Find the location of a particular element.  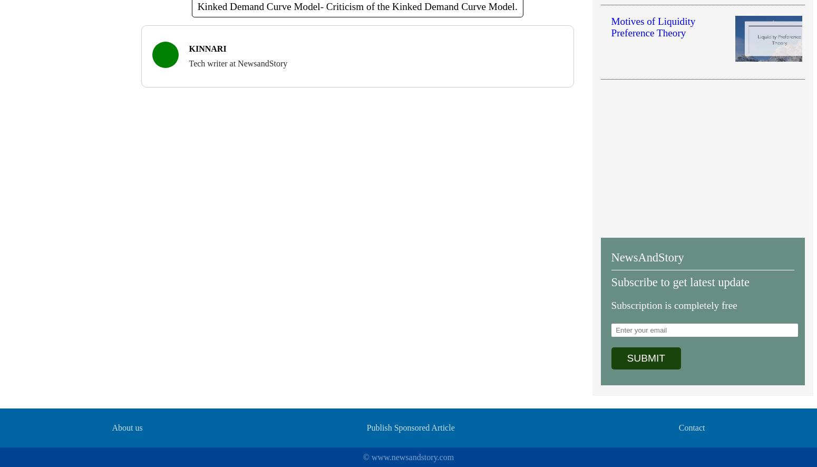

'SUBMIT' is located at coordinates (646, 357).